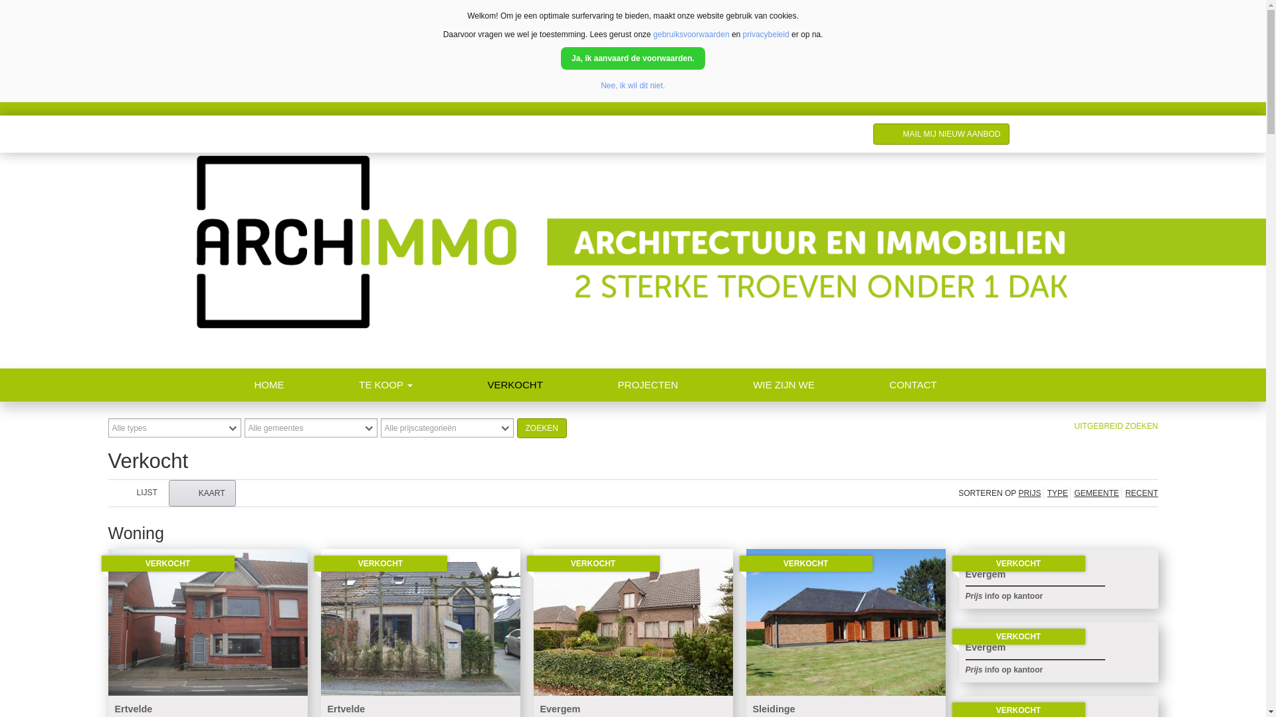 This screenshot has width=1276, height=717. I want to click on 'RECENT', so click(1138, 493).